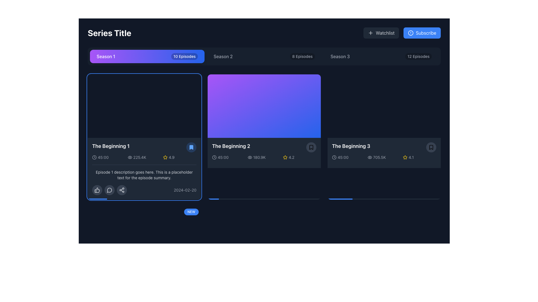  What do you see at coordinates (129, 157) in the screenshot?
I see `the eye-shaped icon, which is styled in minimalistic lineart design and located to the left of the numerical text display '225.4K'` at bounding box center [129, 157].